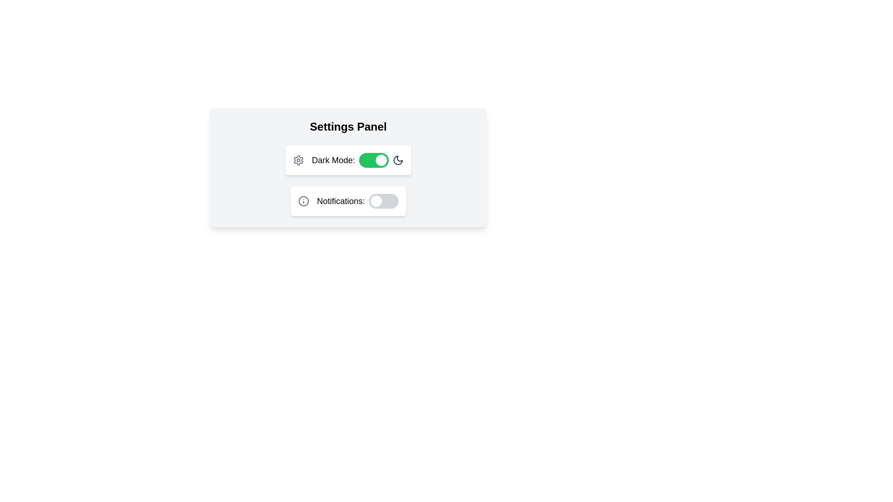 This screenshot has height=502, width=893. I want to click on the icon located to the right of the green toggle switch labeled 'Dark Mode:' within the compact settings panel to understand its meaning, so click(398, 159).